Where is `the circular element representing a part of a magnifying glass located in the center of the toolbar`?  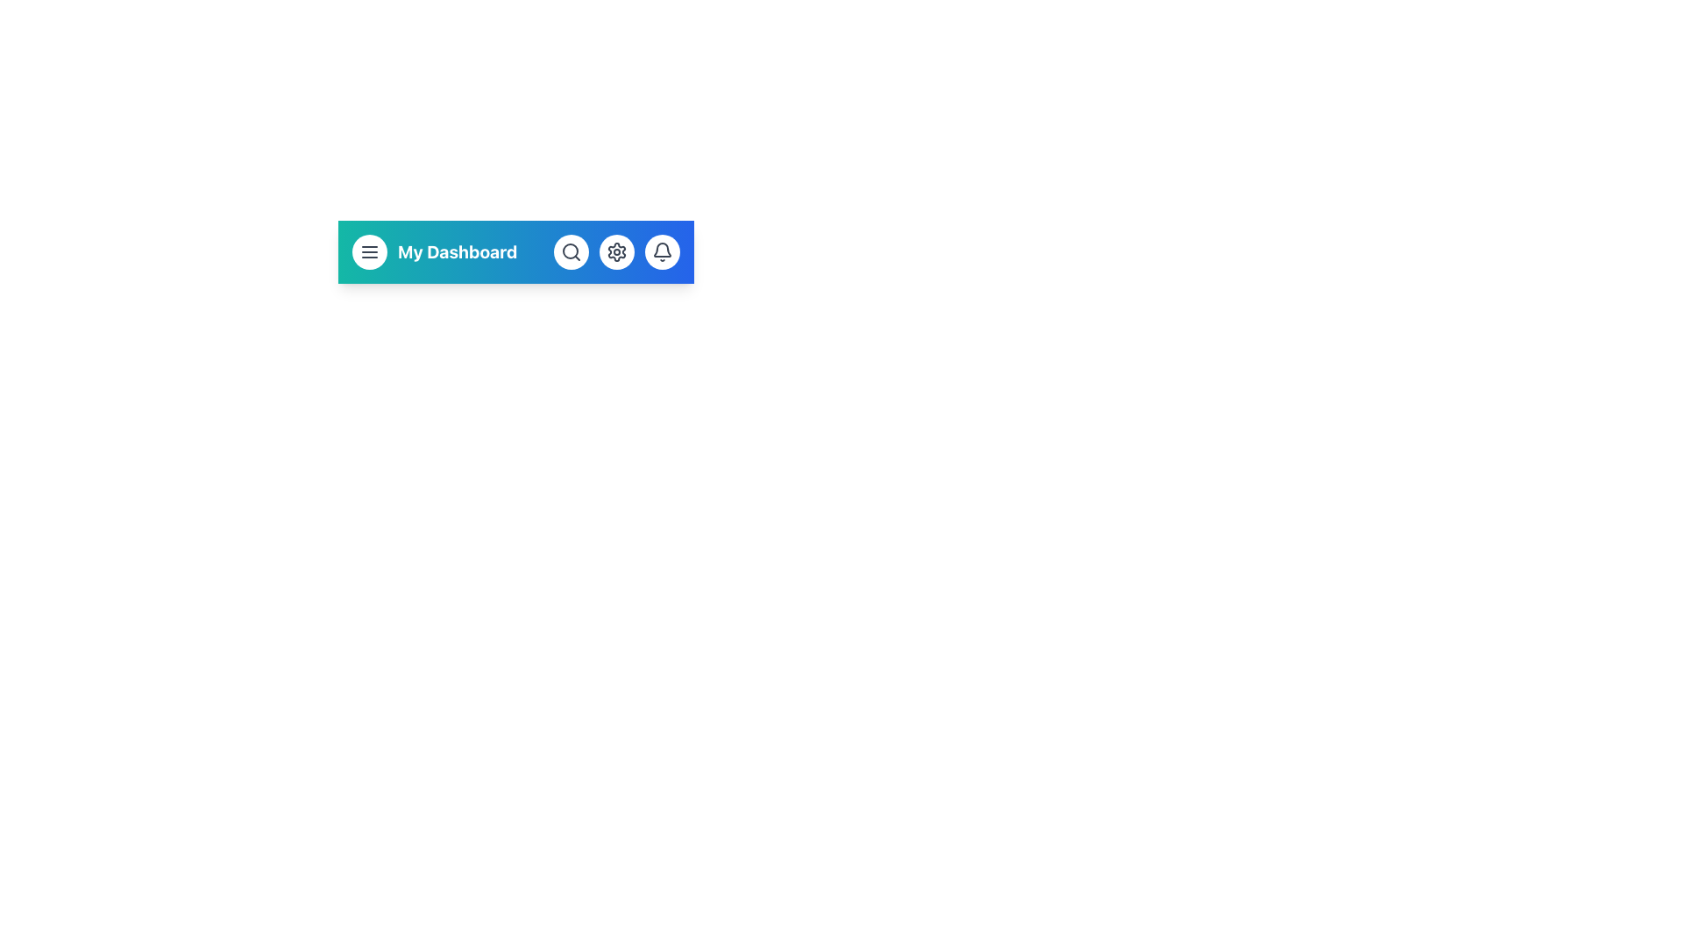 the circular element representing a part of a magnifying glass located in the center of the toolbar is located at coordinates (571, 251).